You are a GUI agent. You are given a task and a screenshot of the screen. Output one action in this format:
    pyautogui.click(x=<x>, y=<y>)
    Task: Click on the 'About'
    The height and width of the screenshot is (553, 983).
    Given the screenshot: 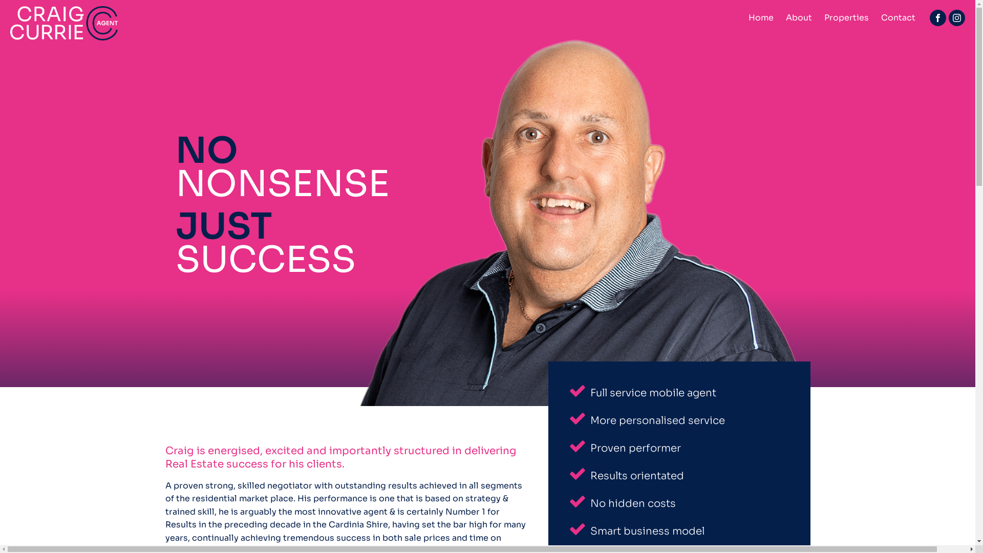 What is the action you would take?
    pyautogui.click(x=798, y=17)
    